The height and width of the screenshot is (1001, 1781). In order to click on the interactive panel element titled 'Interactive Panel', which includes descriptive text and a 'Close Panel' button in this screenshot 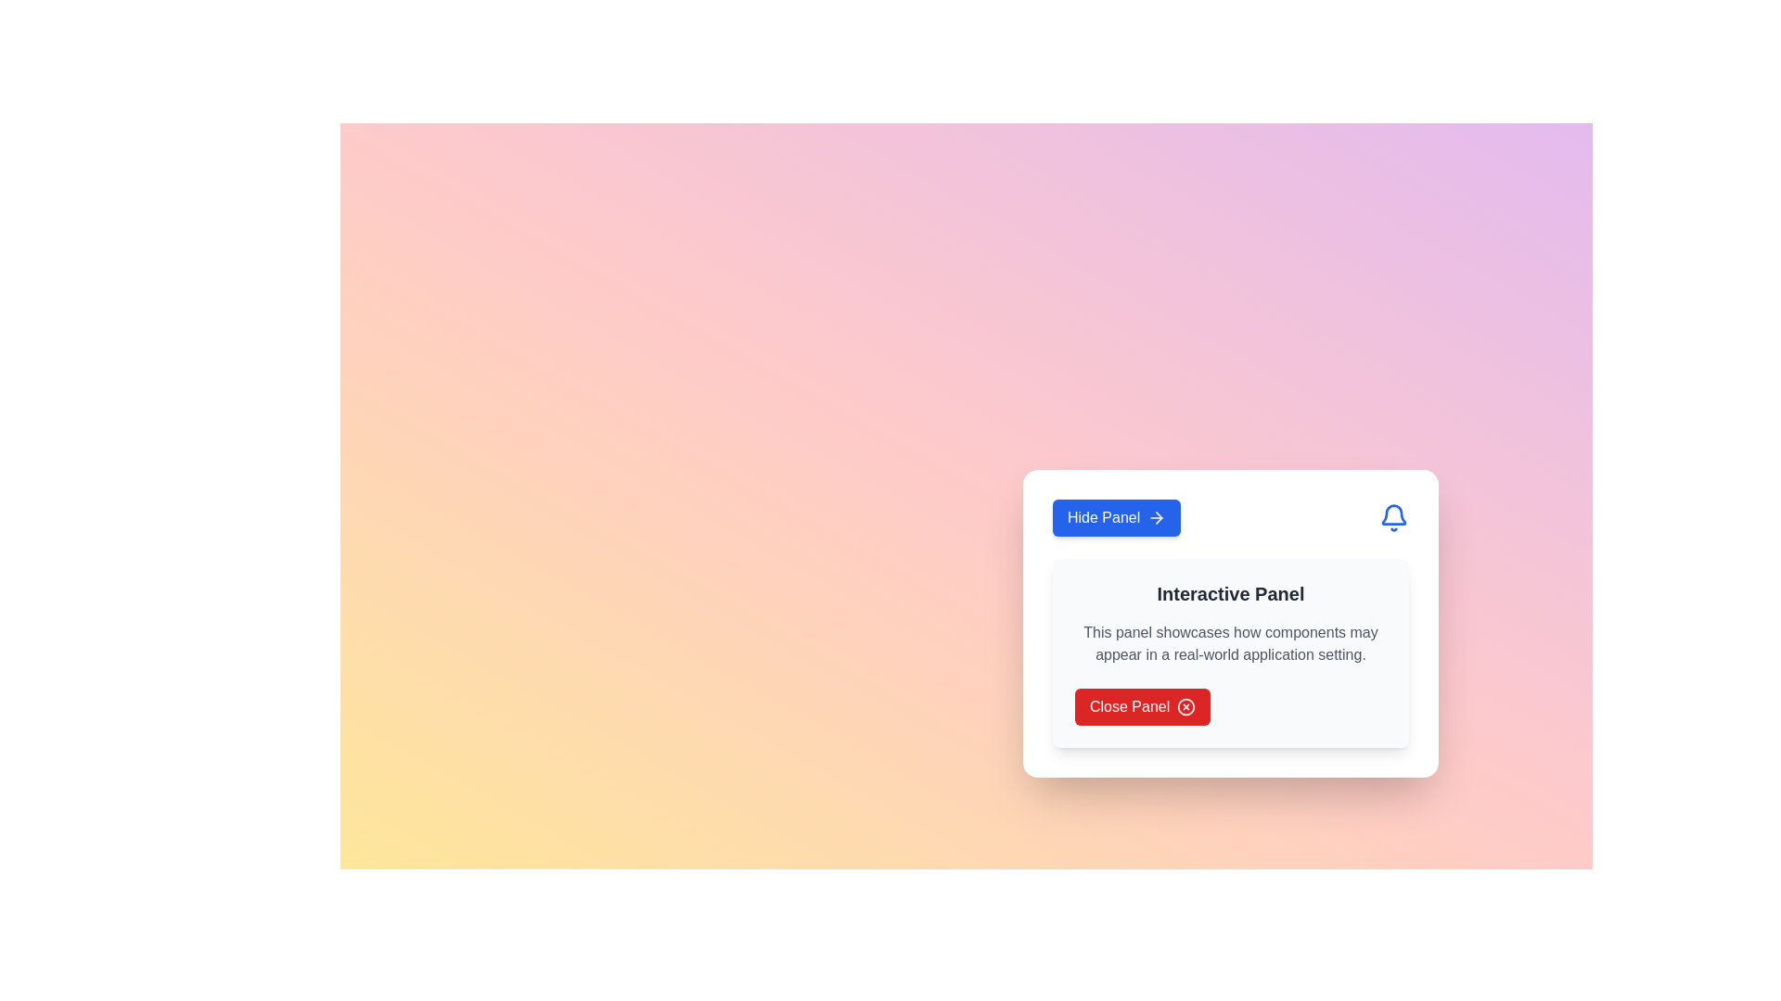, I will do `click(1230, 653)`.